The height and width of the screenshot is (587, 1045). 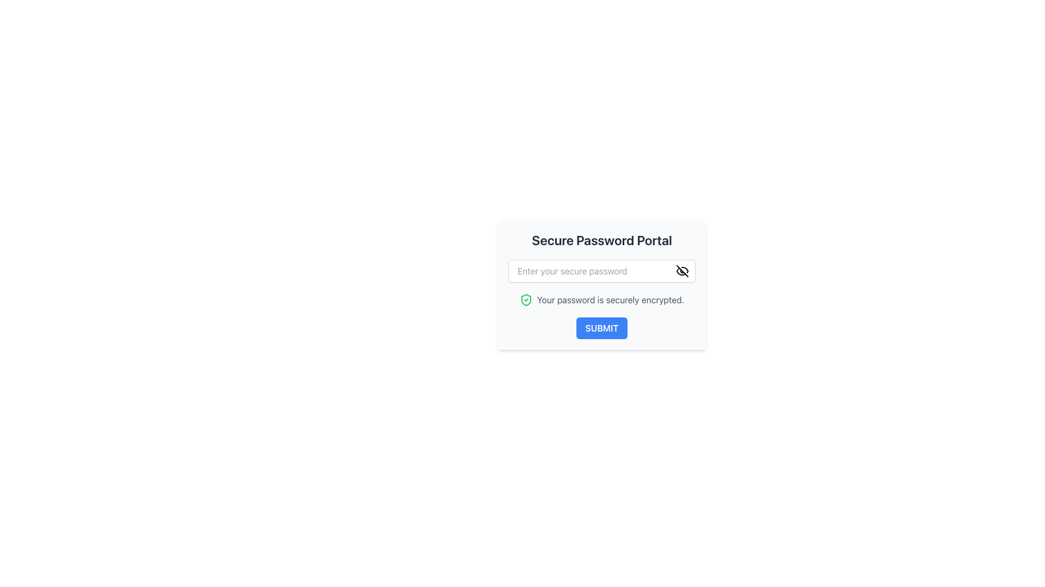 What do you see at coordinates (681, 270) in the screenshot?
I see `the password visibility toggle icon, which is an eye-off icon styled in black and positioned at the far-right edge of the 'Enter your secure password' input field` at bounding box center [681, 270].